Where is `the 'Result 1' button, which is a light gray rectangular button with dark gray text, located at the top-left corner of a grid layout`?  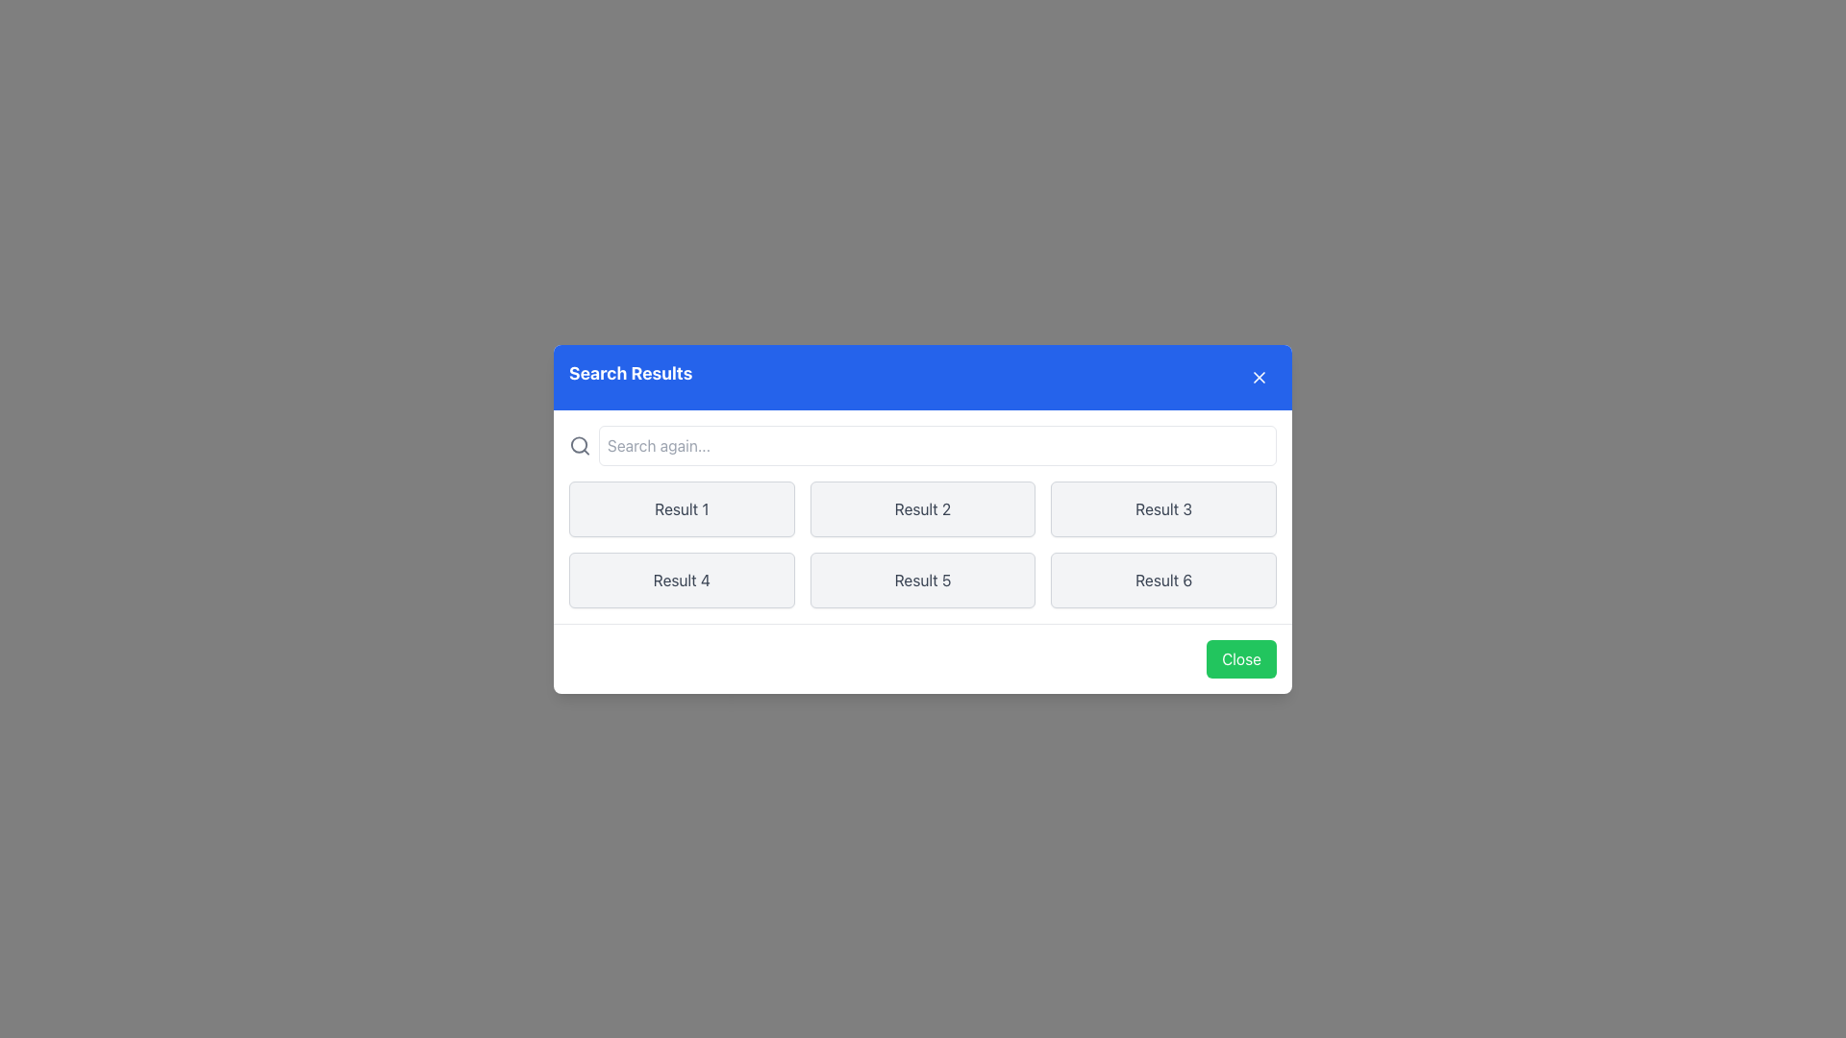
the 'Result 1' button, which is a light gray rectangular button with dark gray text, located at the top-left corner of a grid layout is located at coordinates (682, 507).